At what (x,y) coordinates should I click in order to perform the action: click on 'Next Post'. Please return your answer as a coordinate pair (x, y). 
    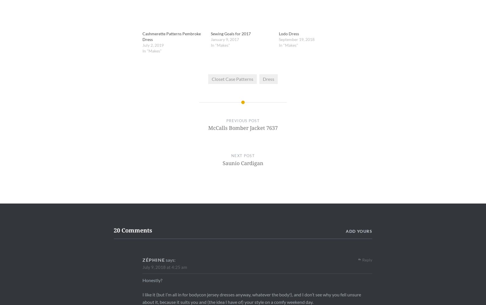
    Looking at the image, I should click on (243, 155).